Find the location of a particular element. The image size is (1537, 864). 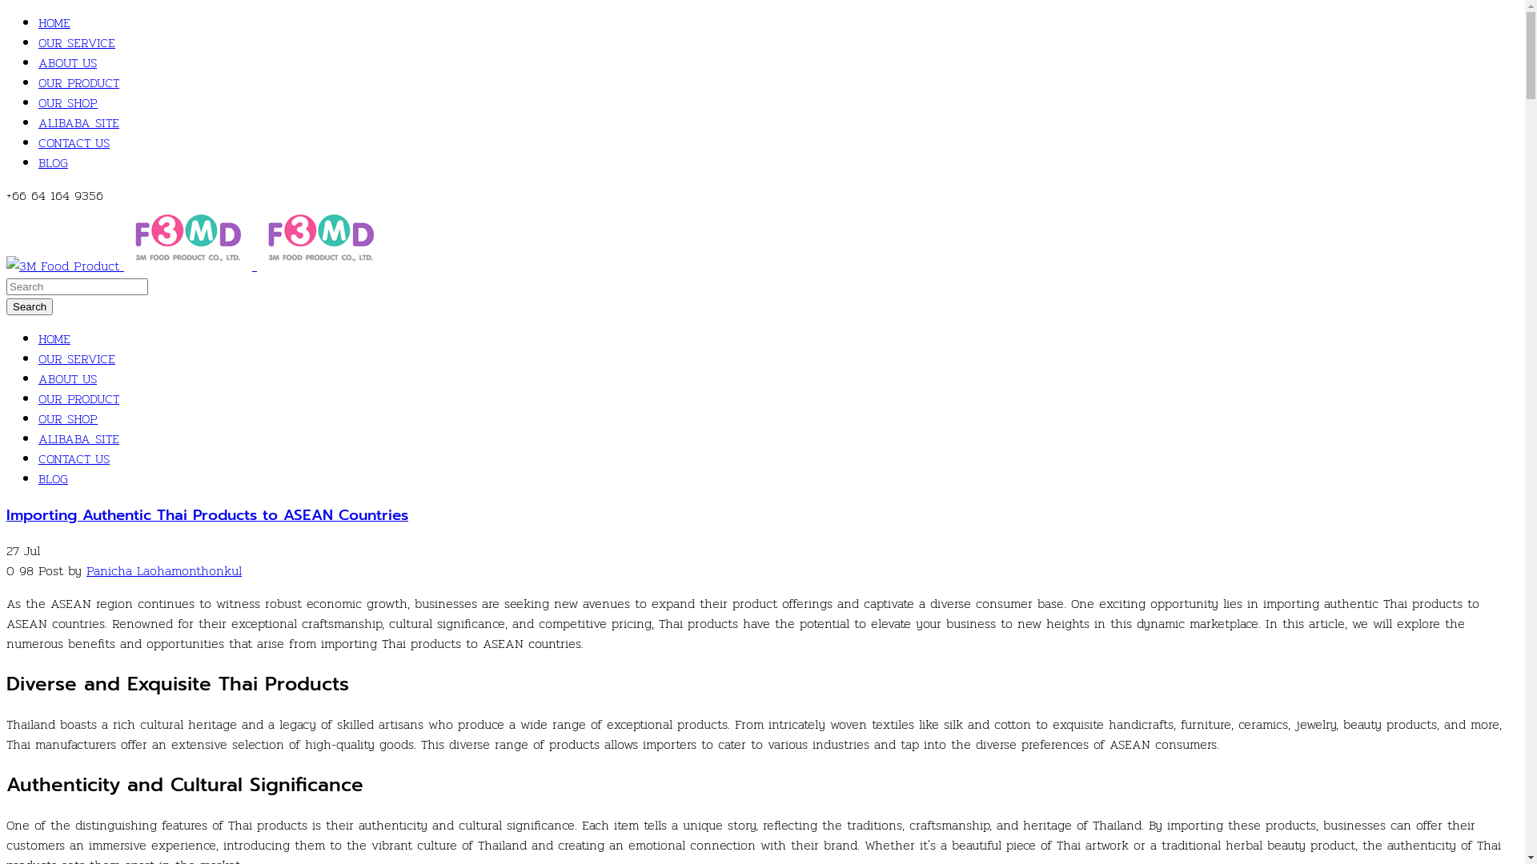

'ABOUT US' is located at coordinates (66, 62).